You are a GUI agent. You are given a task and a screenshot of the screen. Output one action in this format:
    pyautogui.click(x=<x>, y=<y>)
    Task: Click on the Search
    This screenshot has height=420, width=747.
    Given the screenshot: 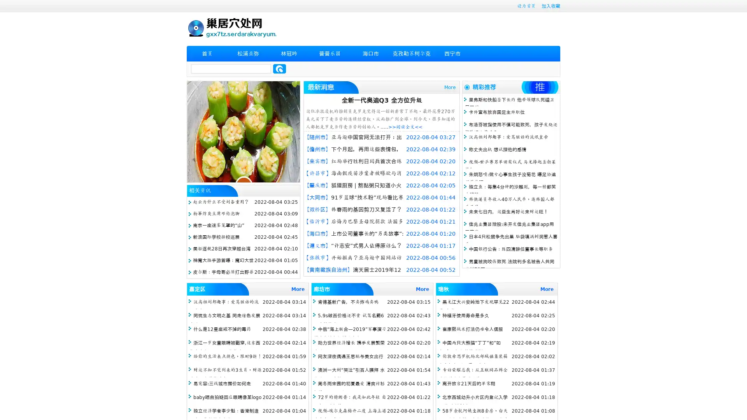 What is the action you would take?
    pyautogui.click(x=279, y=68)
    